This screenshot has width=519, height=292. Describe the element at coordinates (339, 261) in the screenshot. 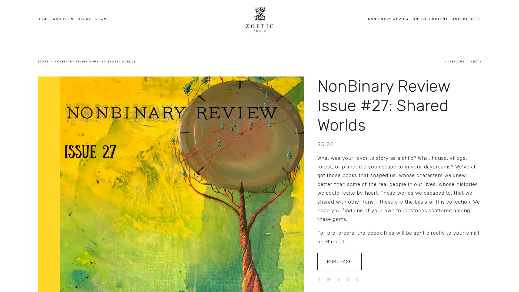

I see `PURCHASE` at that location.